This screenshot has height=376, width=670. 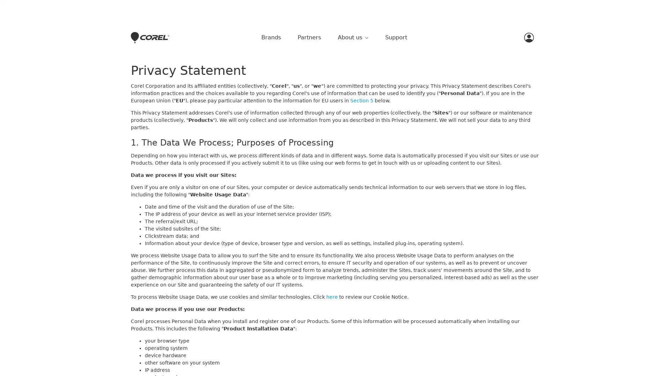 What do you see at coordinates (564, 355) in the screenshot?
I see `Accept Cookies` at bounding box center [564, 355].